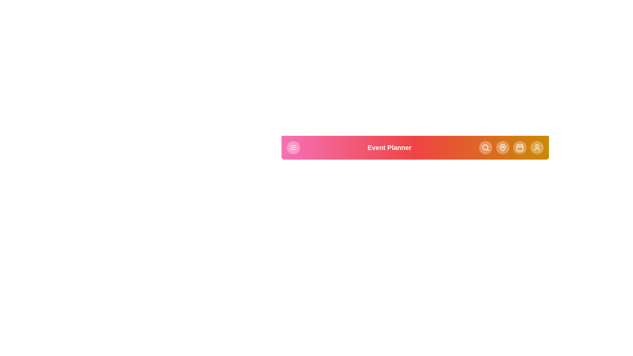 Image resolution: width=633 pixels, height=356 pixels. Describe the element at coordinates (486, 147) in the screenshot. I see `the 'Discover' button in the navigation bar` at that location.